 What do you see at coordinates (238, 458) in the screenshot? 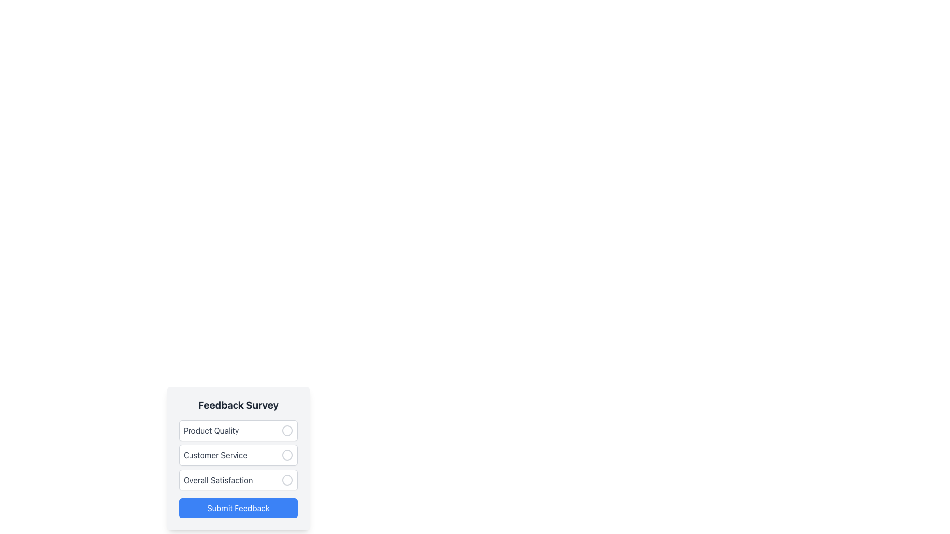
I see `the 'Customer Service' list selection item` at bounding box center [238, 458].